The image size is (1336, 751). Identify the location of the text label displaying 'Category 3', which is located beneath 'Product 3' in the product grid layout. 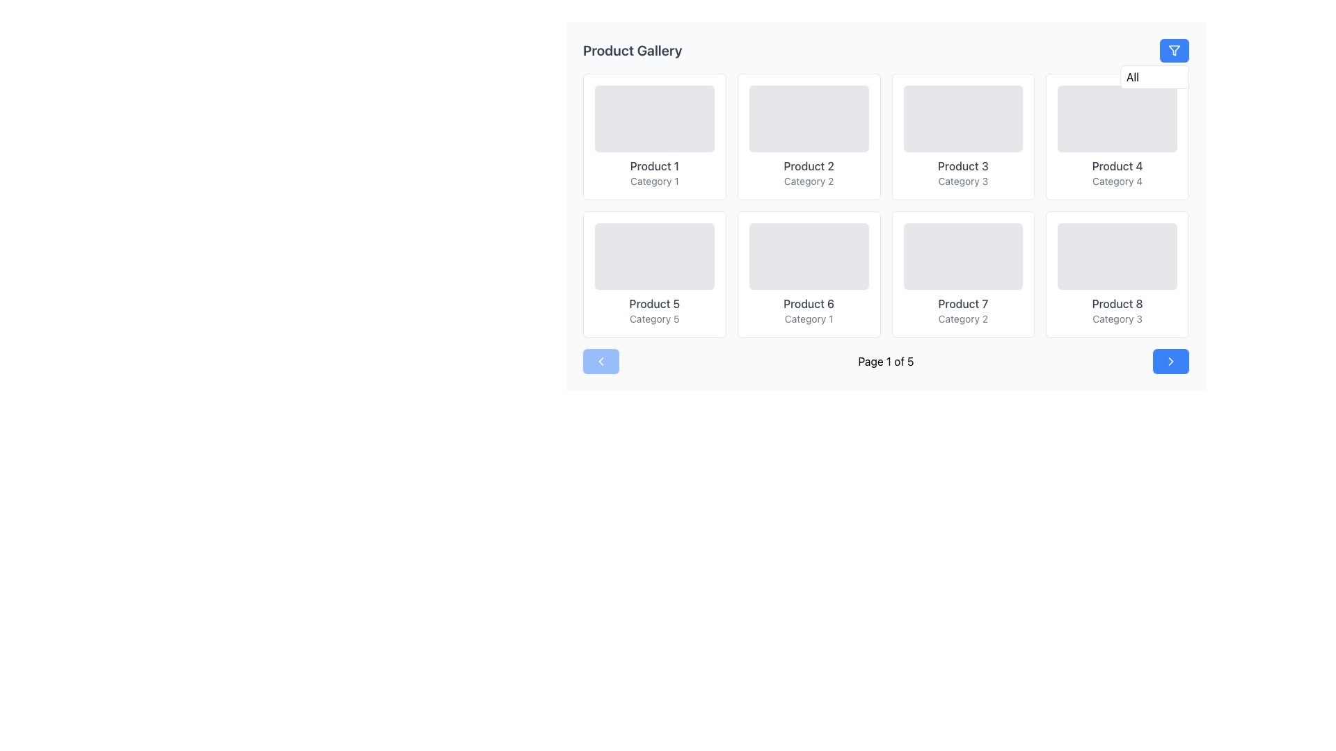
(962, 181).